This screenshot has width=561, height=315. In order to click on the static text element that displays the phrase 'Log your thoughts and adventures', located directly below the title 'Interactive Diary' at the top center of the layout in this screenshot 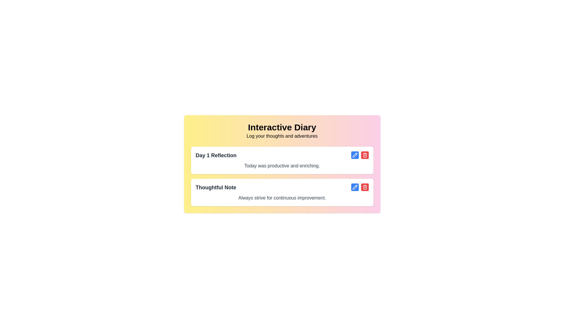, I will do `click(282, 136)`.